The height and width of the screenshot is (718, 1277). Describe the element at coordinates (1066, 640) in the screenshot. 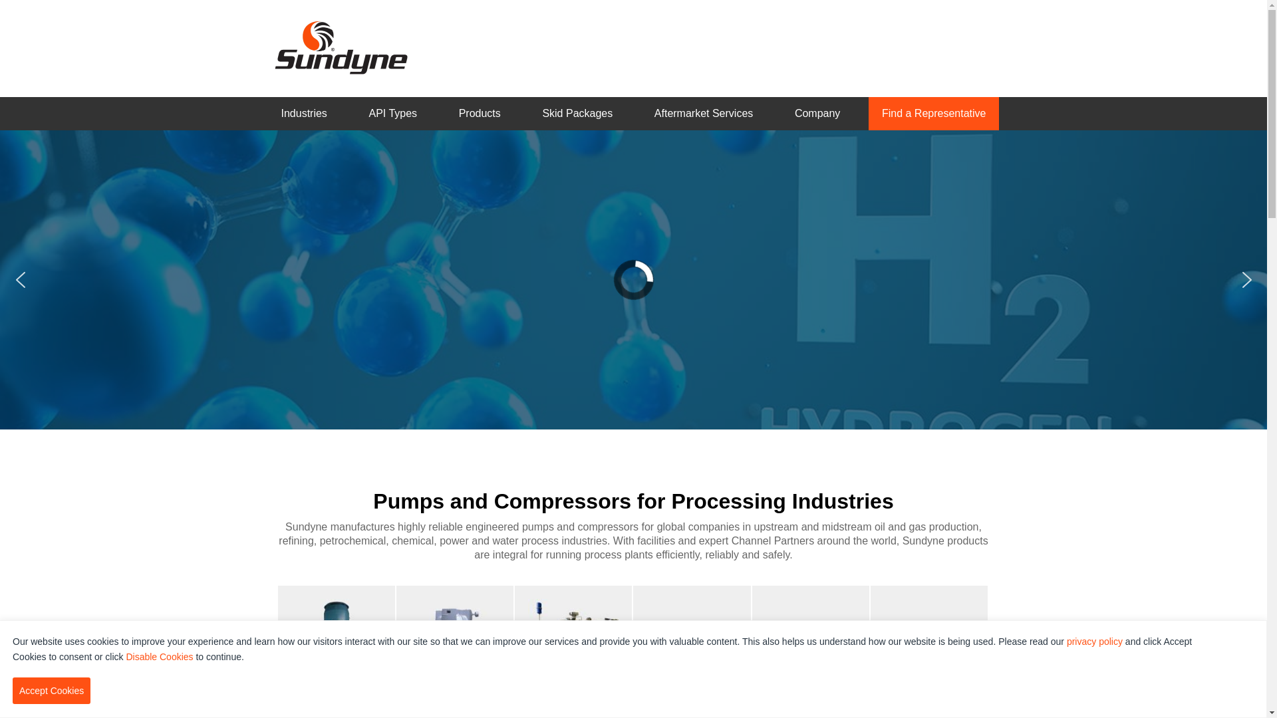

I see `'privacy policy'` at that location.